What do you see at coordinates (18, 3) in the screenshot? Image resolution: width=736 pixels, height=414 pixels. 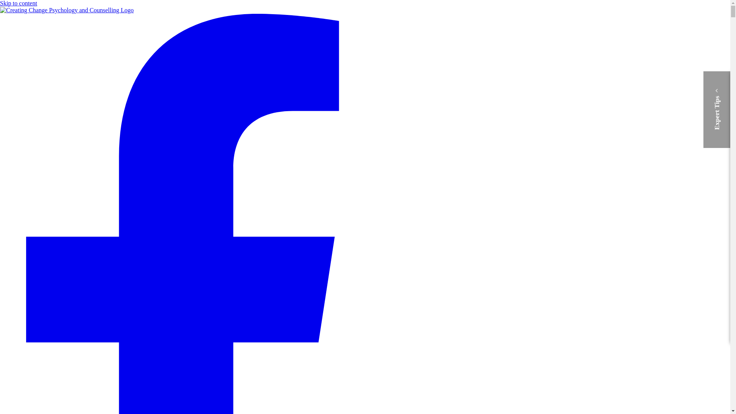 I see `'Skip to content'` at bounding box center [18, 3].